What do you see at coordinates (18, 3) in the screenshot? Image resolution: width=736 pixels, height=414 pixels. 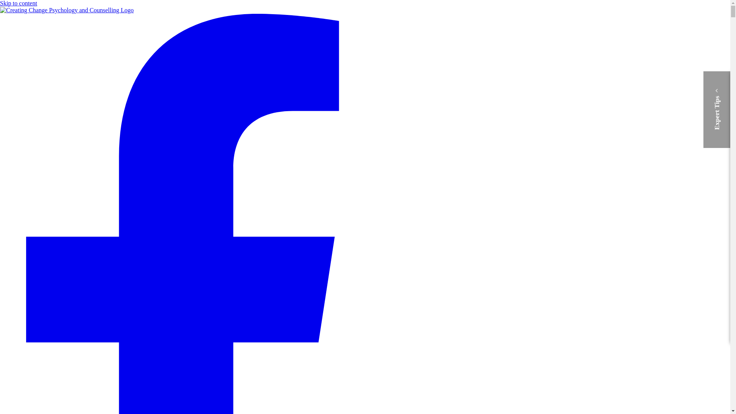 I see `'Skip to content'` at bounding box center [18, 3].